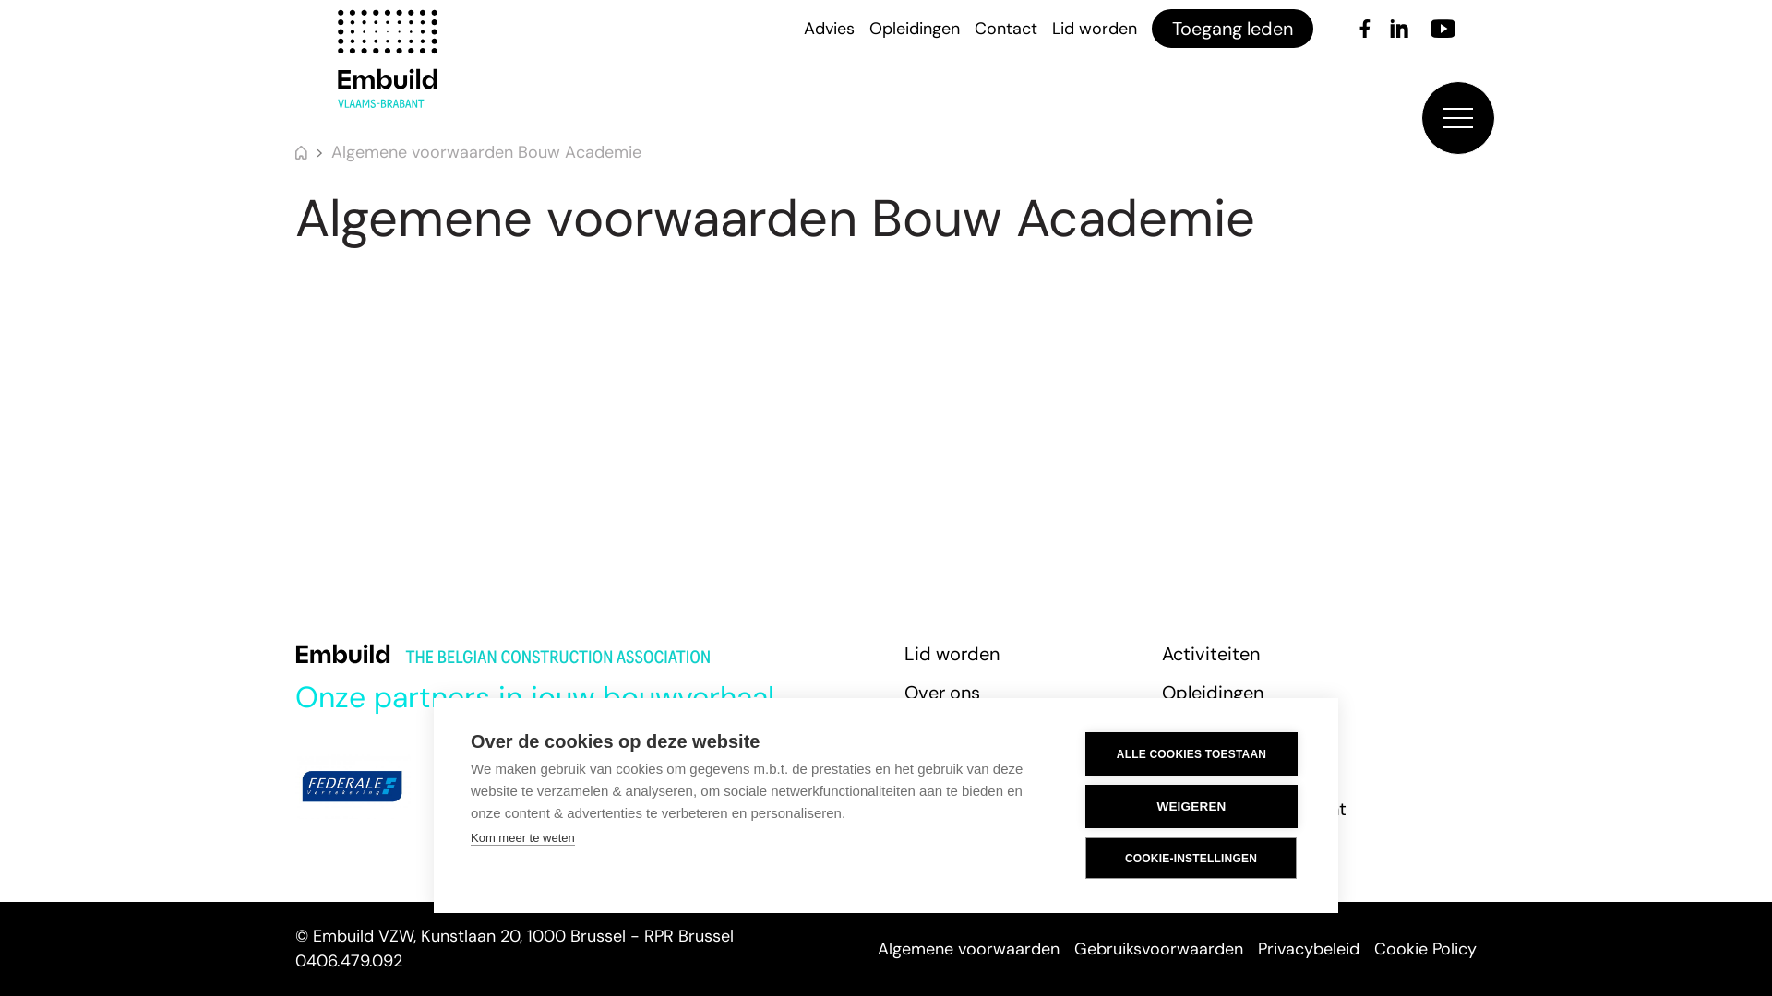  What do you see at coordinates (1426, 28) in the screenshot?
I see `'Youtube'` at bounding box center [1426, 28].